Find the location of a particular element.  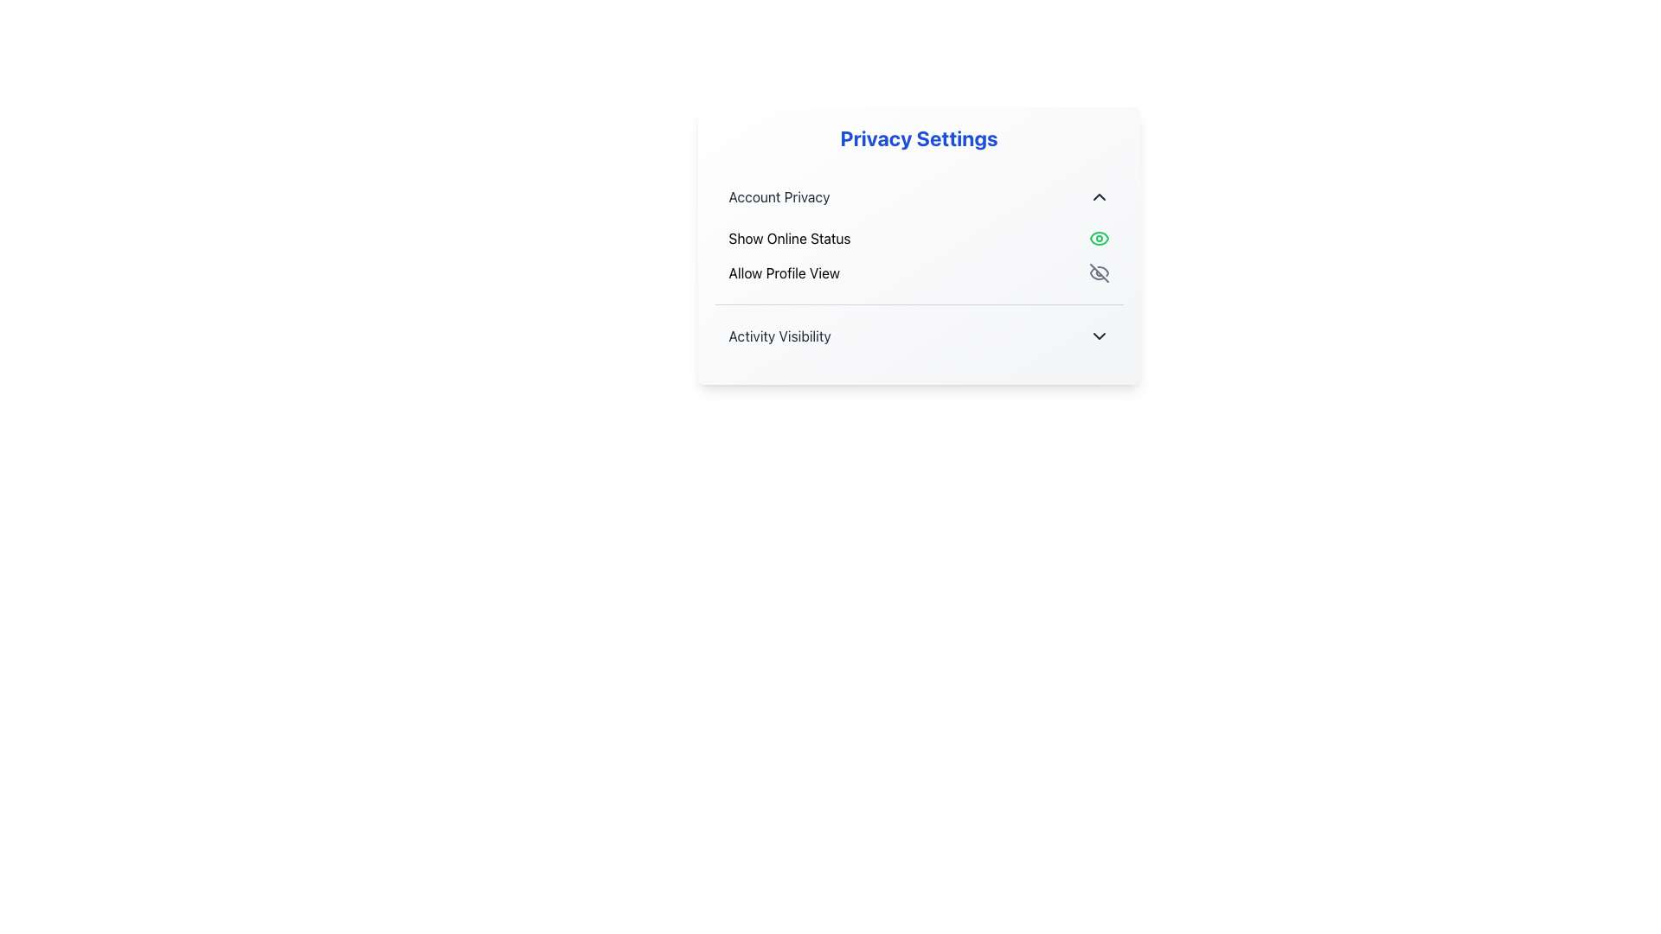

the inner curve of the eye-off icon located to the right of the 'Allow Profile View' label in the 'Privacy Settings' section is located at coordinates (1101, 271).